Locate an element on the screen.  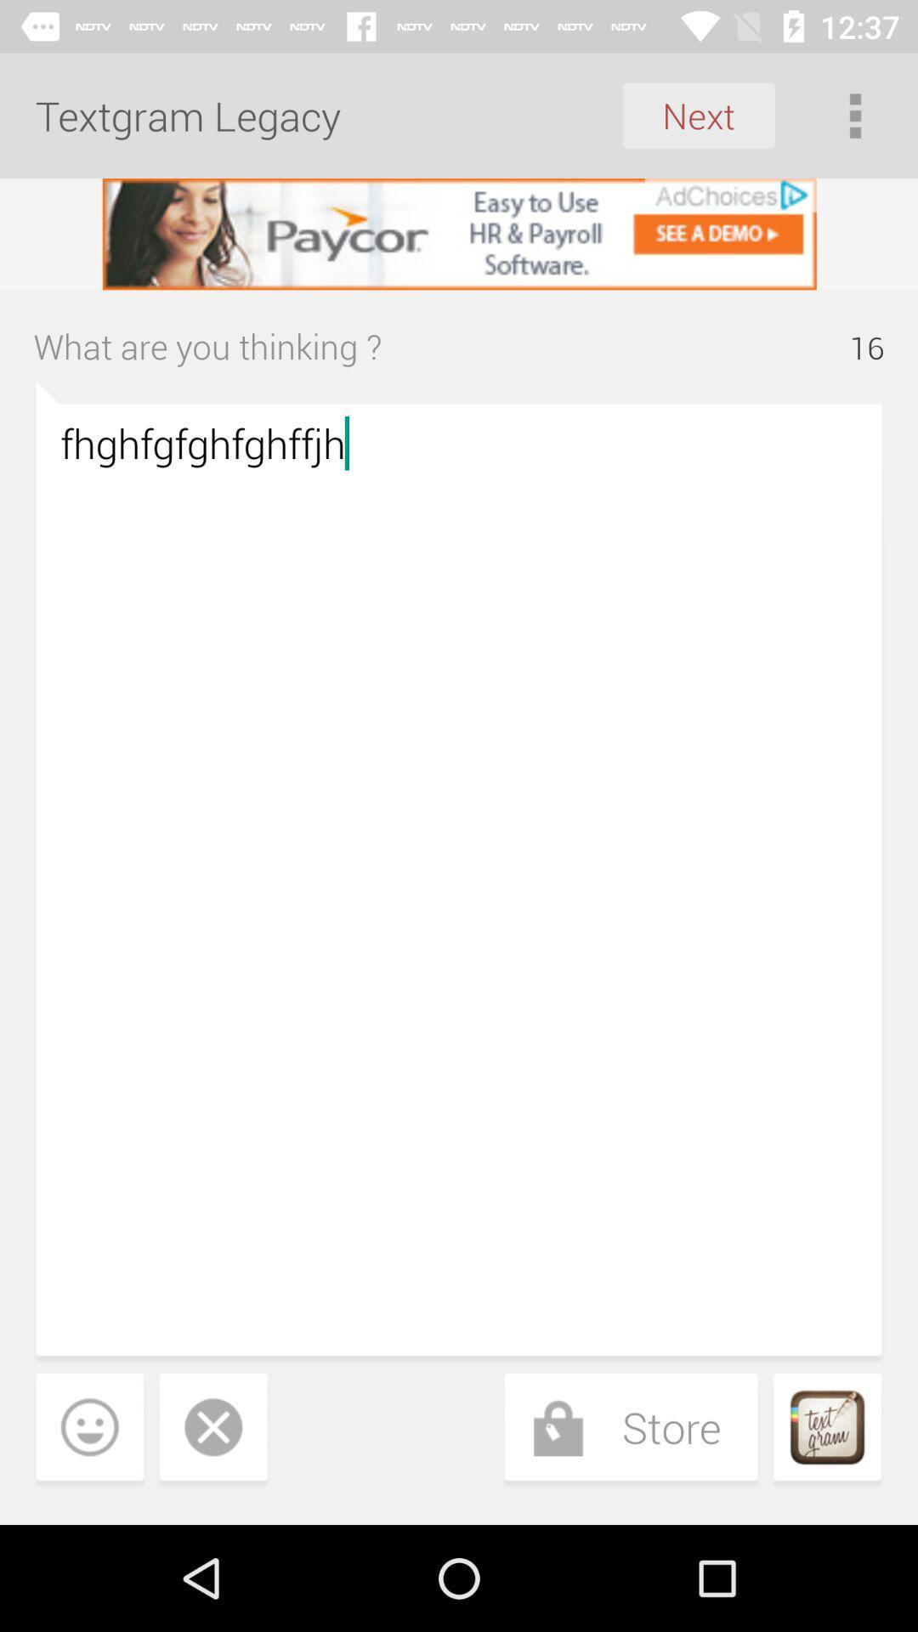
click icon bottom right is located at coordinates (826, 1430).